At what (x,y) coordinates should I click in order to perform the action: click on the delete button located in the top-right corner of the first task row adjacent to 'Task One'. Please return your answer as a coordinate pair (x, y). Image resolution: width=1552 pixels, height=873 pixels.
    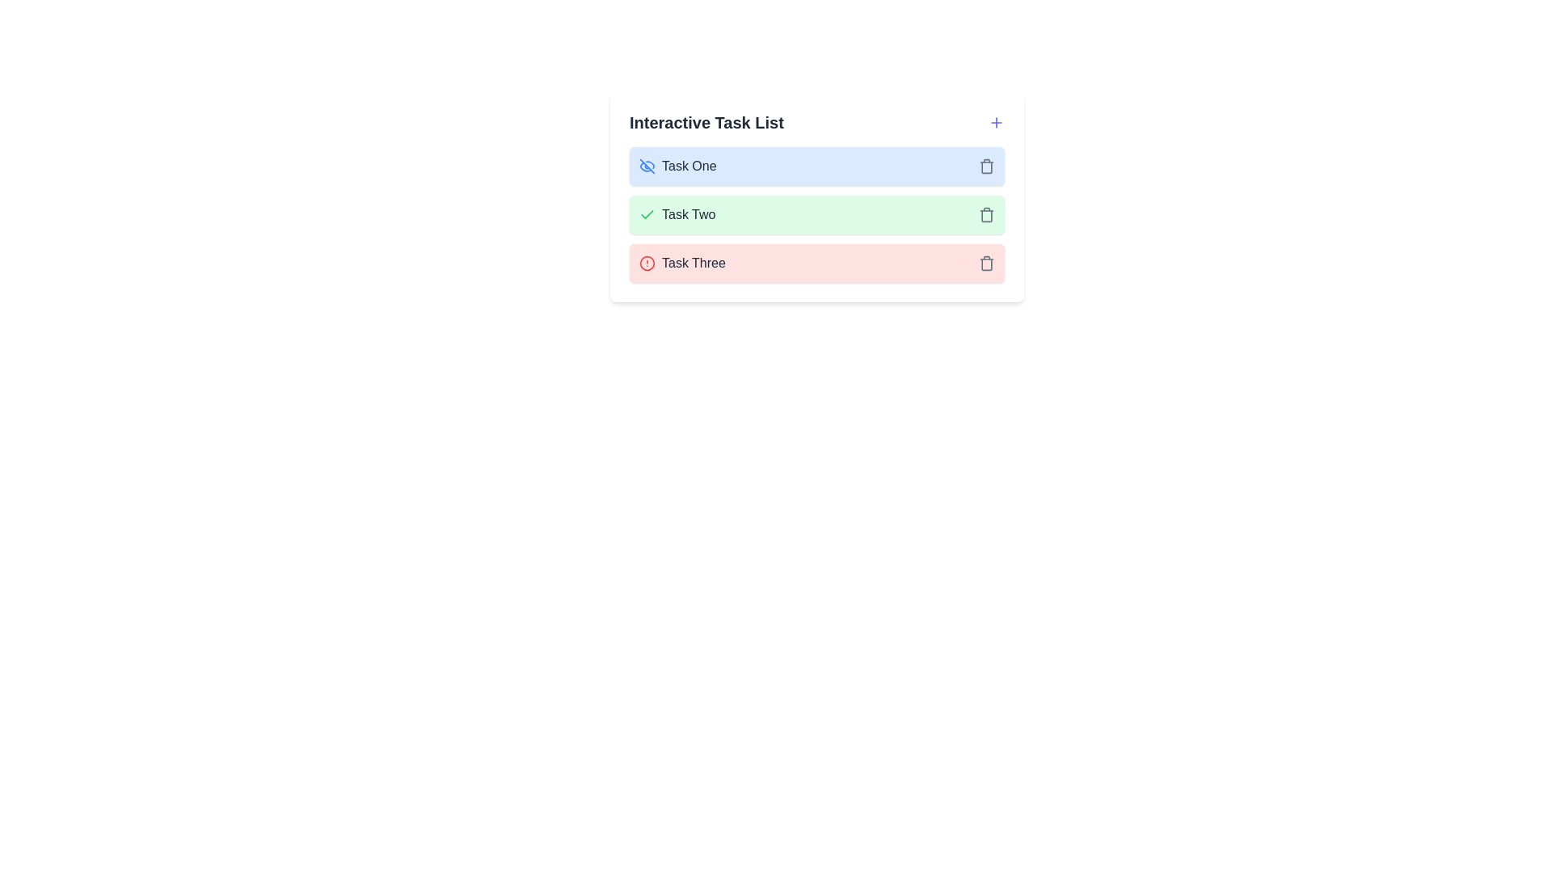
    Looking at the image, I should click on (985, 166).